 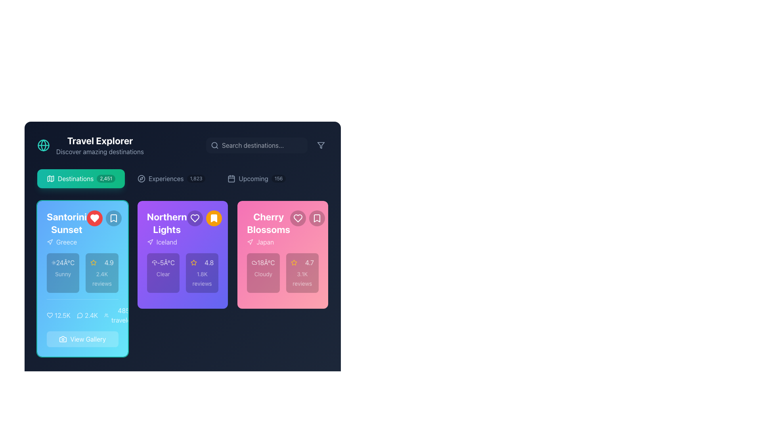 I want to click on text label indicating the location associated with the 'Northern Lights' card, which displays 'Iceland' in the bottom-left corner of the purple card, so click(x=166, y=241).